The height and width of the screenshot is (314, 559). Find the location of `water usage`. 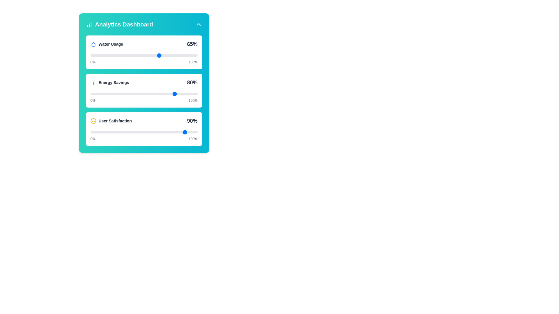

water usage is located at coordinates (155, 56).